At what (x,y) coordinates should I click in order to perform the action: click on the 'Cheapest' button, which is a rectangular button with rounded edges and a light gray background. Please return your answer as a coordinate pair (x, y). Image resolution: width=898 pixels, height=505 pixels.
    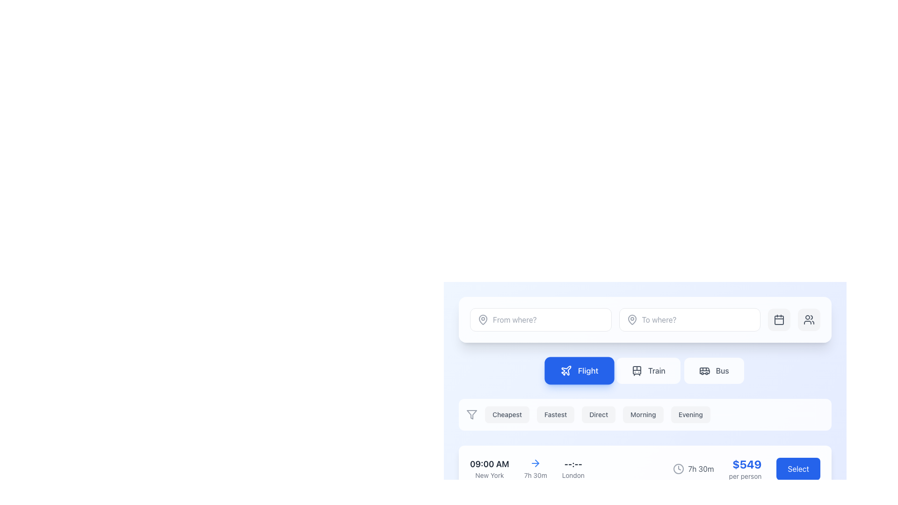
    Looking at the image, I should click on (507, 414).